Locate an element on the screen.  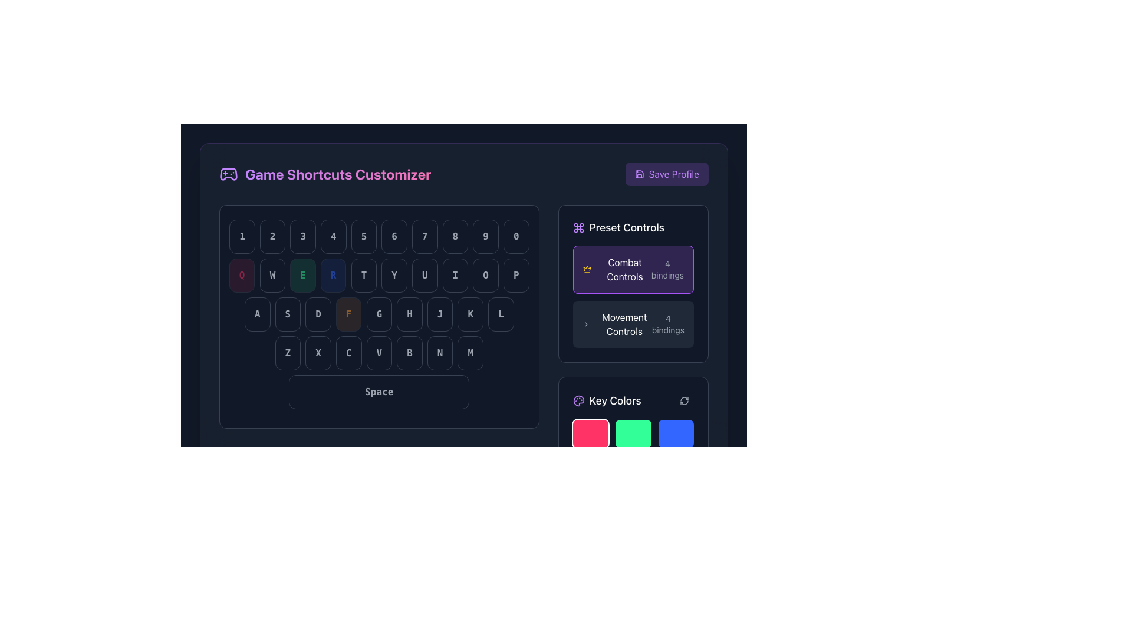
the Text with accompanying icon that serves as a label for the movement configuration control group located in the 'Preset Controls' section beneath 'Combat Controls' is located at coordinates (616, 324).